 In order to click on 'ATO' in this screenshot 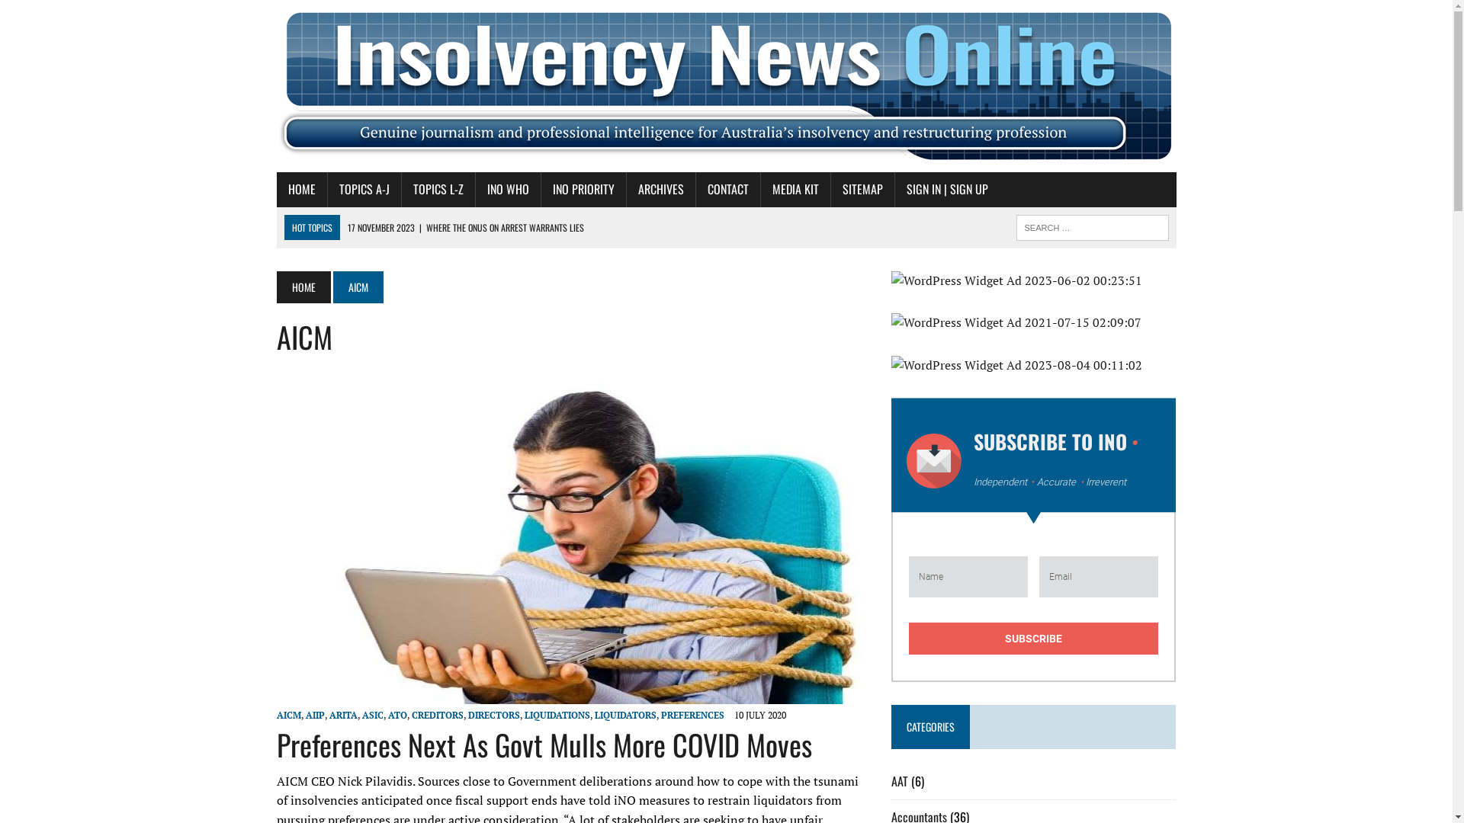, I will do `click(387, 715)`.